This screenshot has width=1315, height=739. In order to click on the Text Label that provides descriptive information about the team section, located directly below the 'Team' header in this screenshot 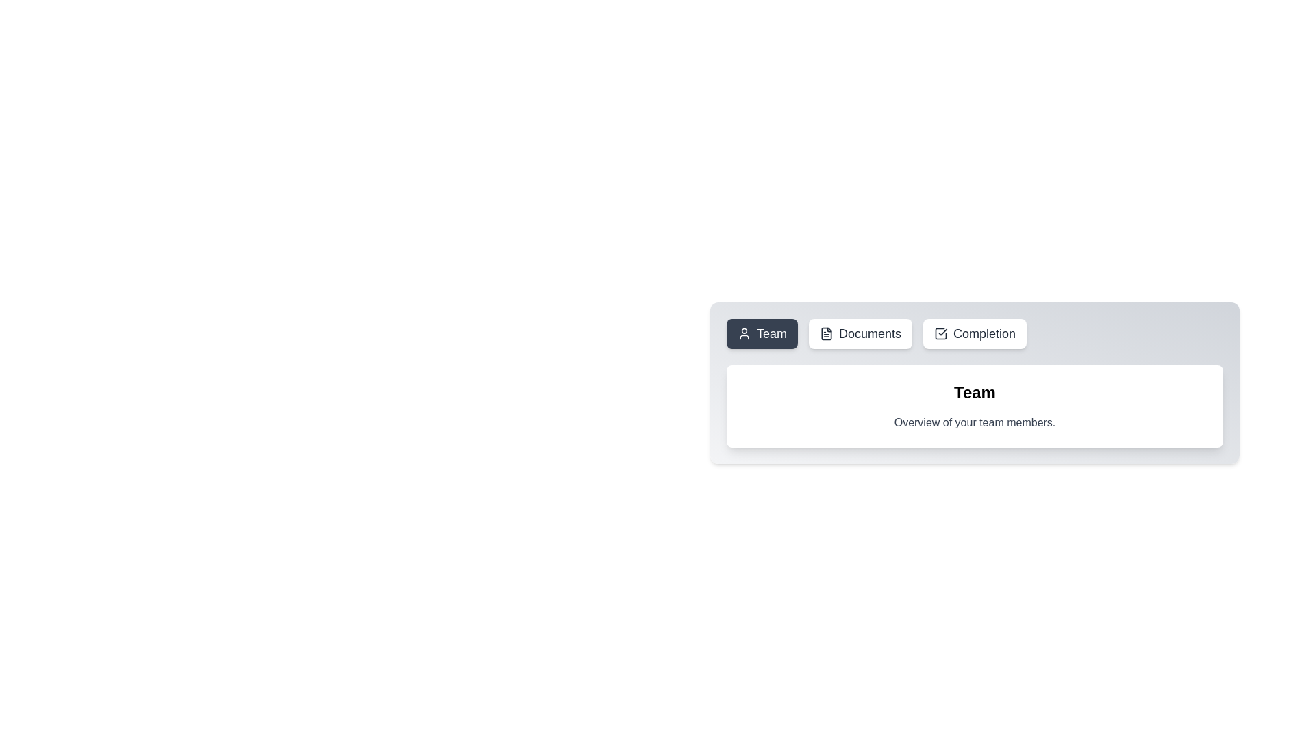, I will do `click(974, 422)`.